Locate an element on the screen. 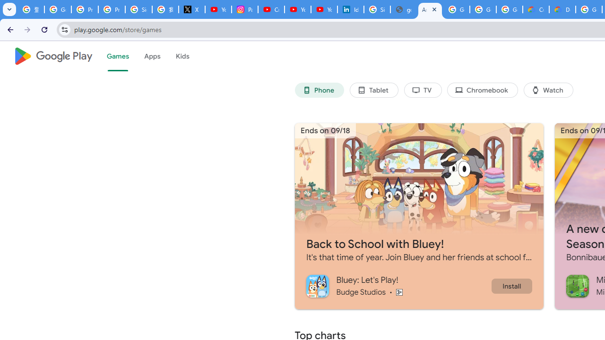 The width and height of the screenshot is (605, 340). 'Games' is located at coordinates (117, 56).